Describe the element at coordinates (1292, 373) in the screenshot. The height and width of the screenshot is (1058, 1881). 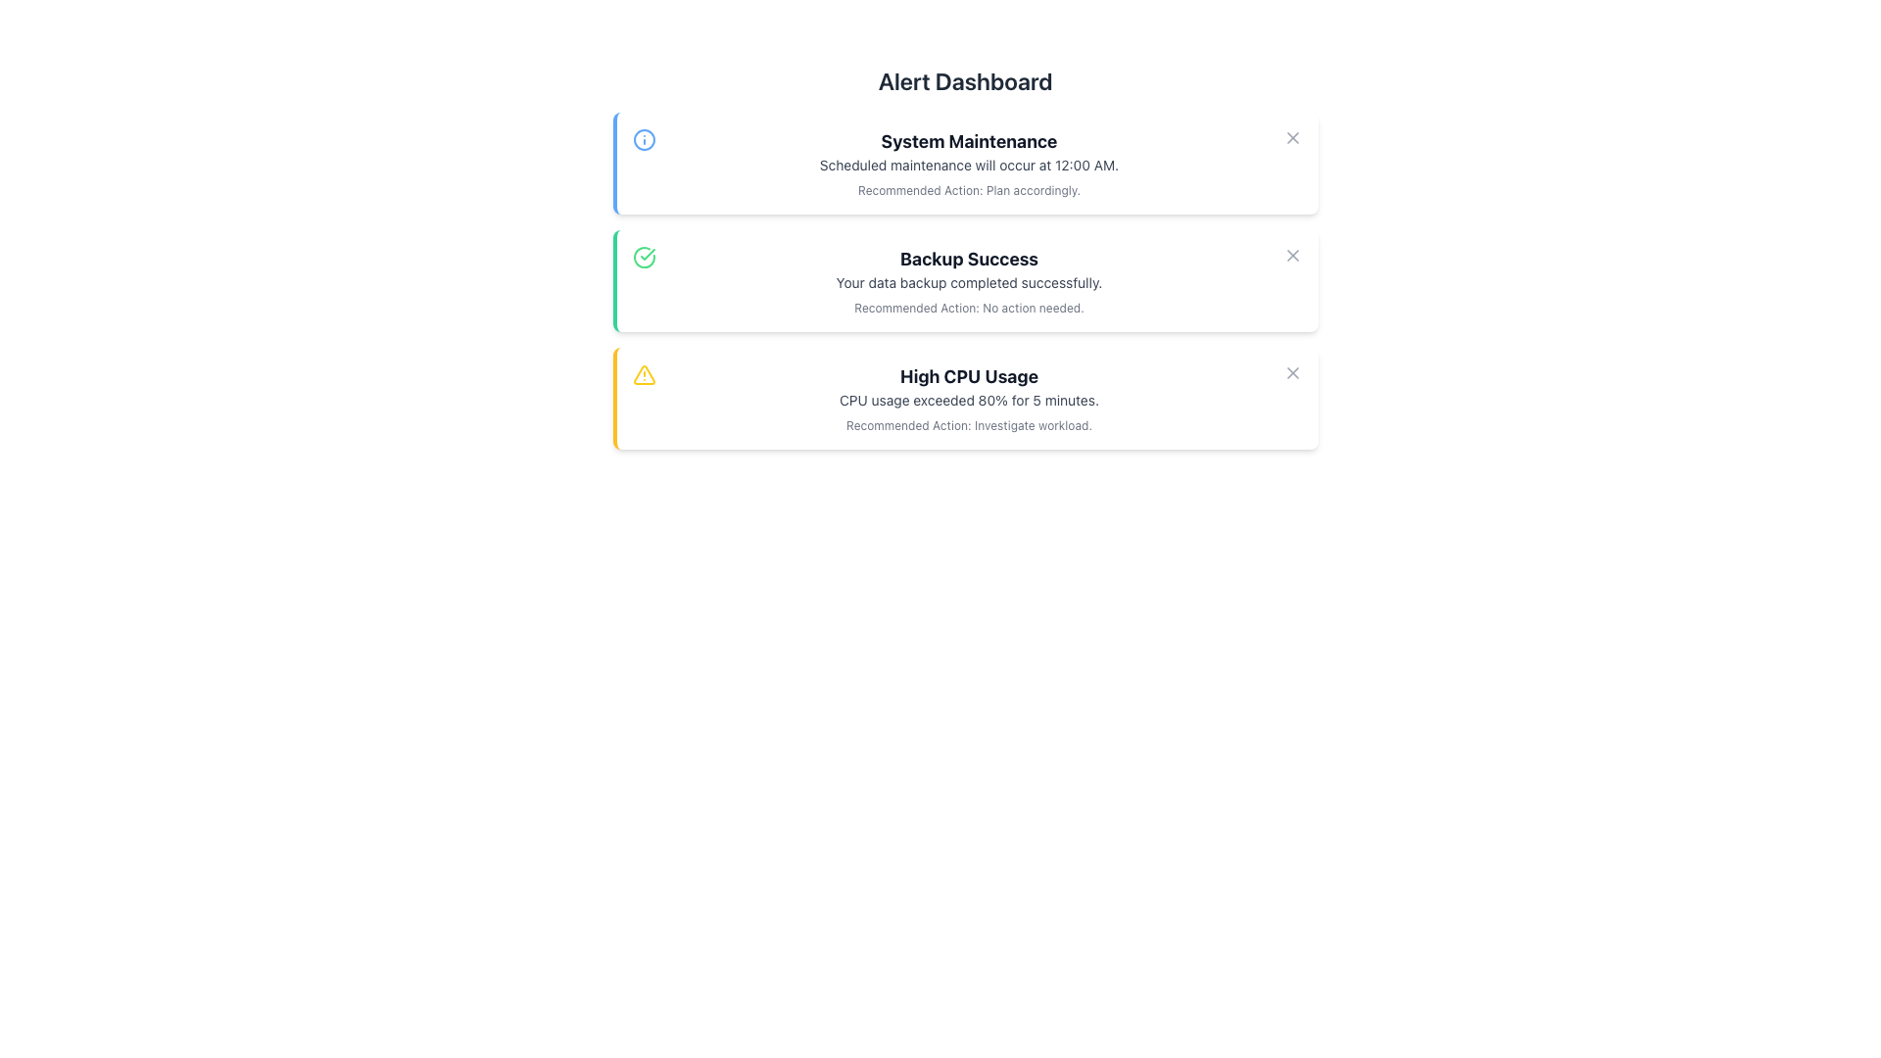
I see `the dismiss icon in the rightmost region of the 'High CPU Usage' alert notification to initiate a close action` at that location.